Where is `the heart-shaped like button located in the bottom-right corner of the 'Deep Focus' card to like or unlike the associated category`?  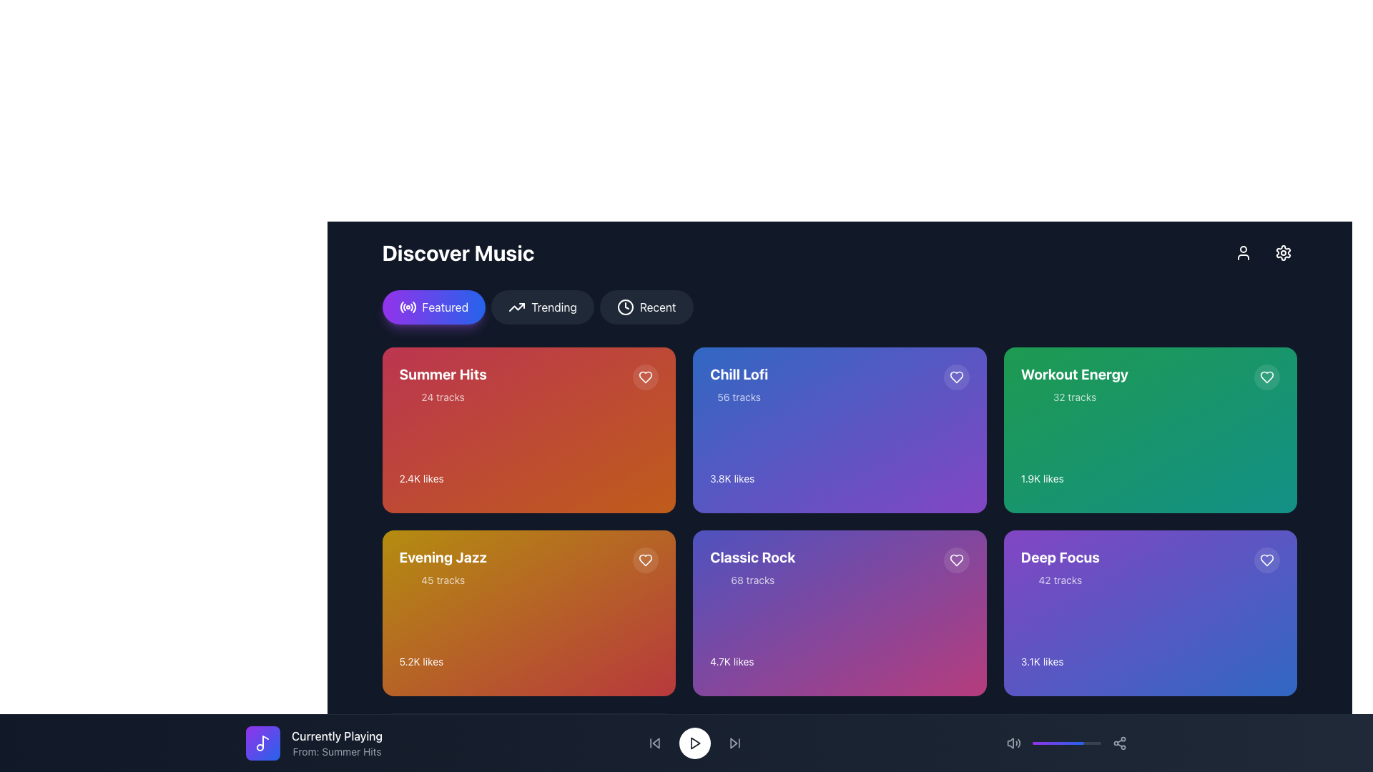
the heart-shaped like button located in the bottom-right corner of the 'Deep Focus' card to like or unlike the associated category is located at coordinates (1267, 559).